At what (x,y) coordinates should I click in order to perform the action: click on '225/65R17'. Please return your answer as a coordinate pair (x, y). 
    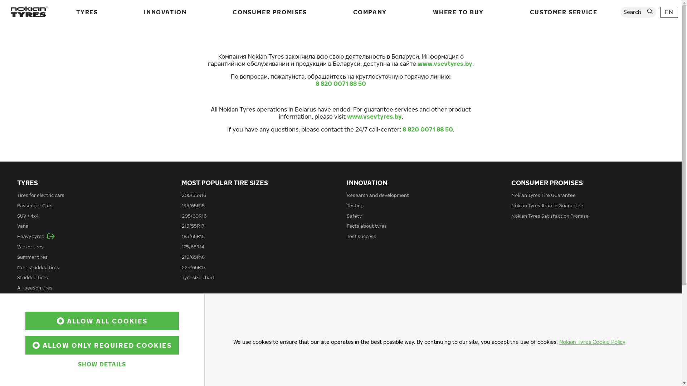
    Looking at the image, I should click on (194, 267).